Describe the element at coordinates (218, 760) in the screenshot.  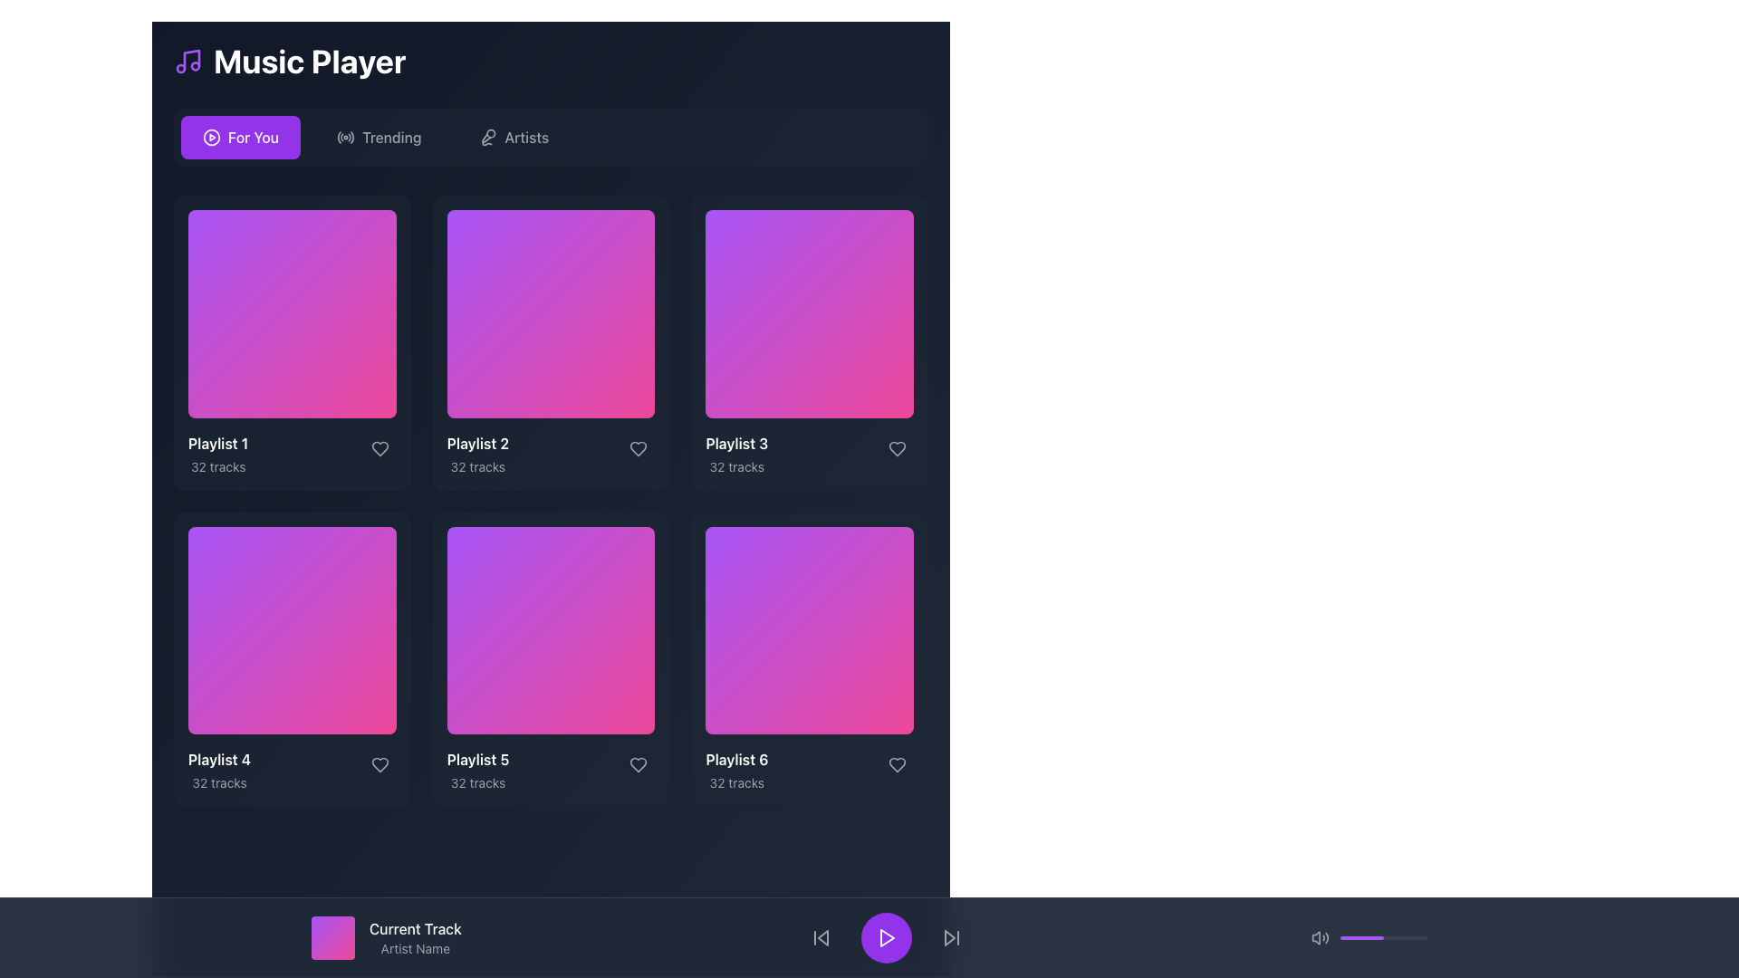
I see `the text label displaying 'Playlist 4', which is located at the bottom-left section of the fourth playlist card in a 2-by-3 grid layout` at that location.